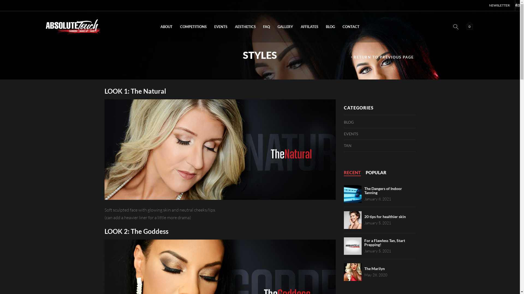 The height and width of the screenshot is (294, 524). Describe the element at coordinates (470, 26) in the screenshot. I see `'0'` at that location.